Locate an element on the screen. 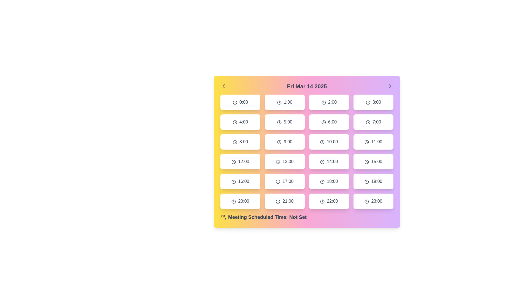  the rectangular button with rounded corners displaying the time '3:00' and a clock icon on the left is located at coordinates (373, 102).